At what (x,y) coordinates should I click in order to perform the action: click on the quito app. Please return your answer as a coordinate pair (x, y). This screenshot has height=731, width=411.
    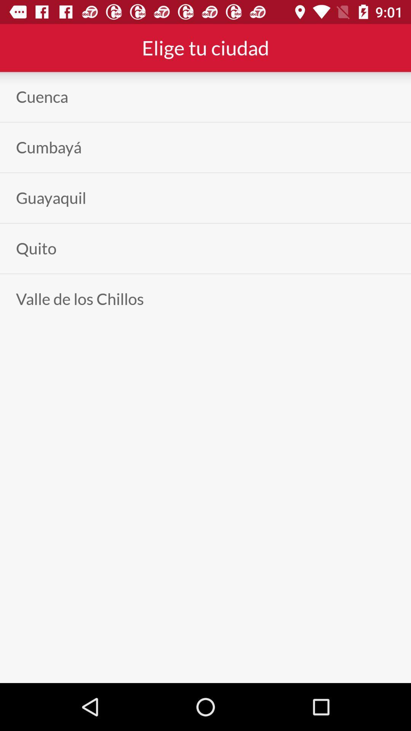
    Looking at the image, I should click on (36, 248).